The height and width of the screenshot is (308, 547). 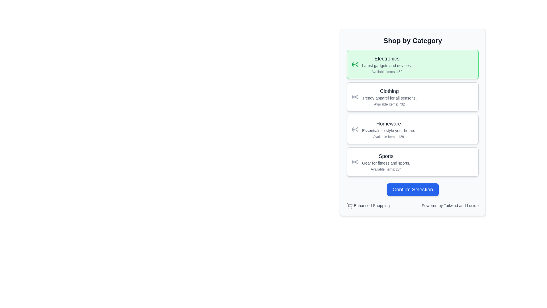 I want to click on the text label that acknowledges the interface is powered by Tailwind and Lucide, which is positioned to the right of 'Enhanced Shopping', so click(x=450, y=206).